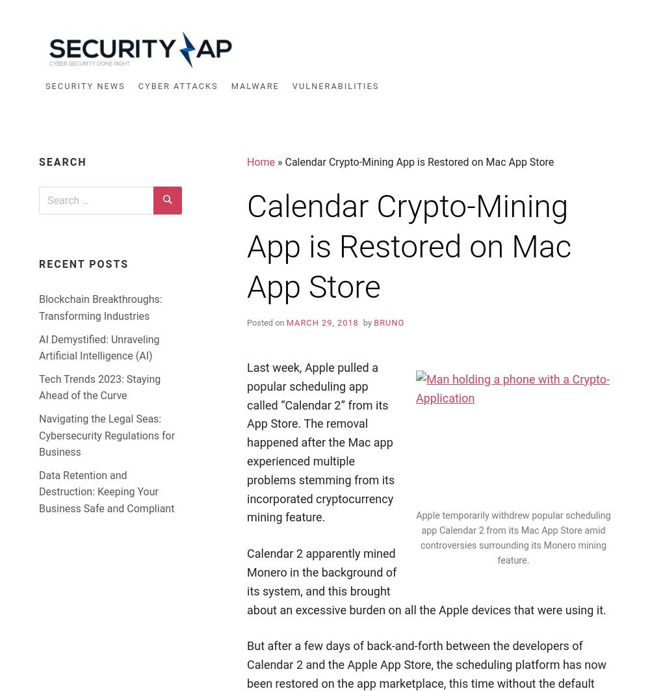 The height and width of the screenshot is (691, 650). What do you see at coordinates (107, 434) in the screenshot?
I see `'Navigating the Legal Seas: Cybersecurity Regulations for Business'` at bounding box center [107, 434].